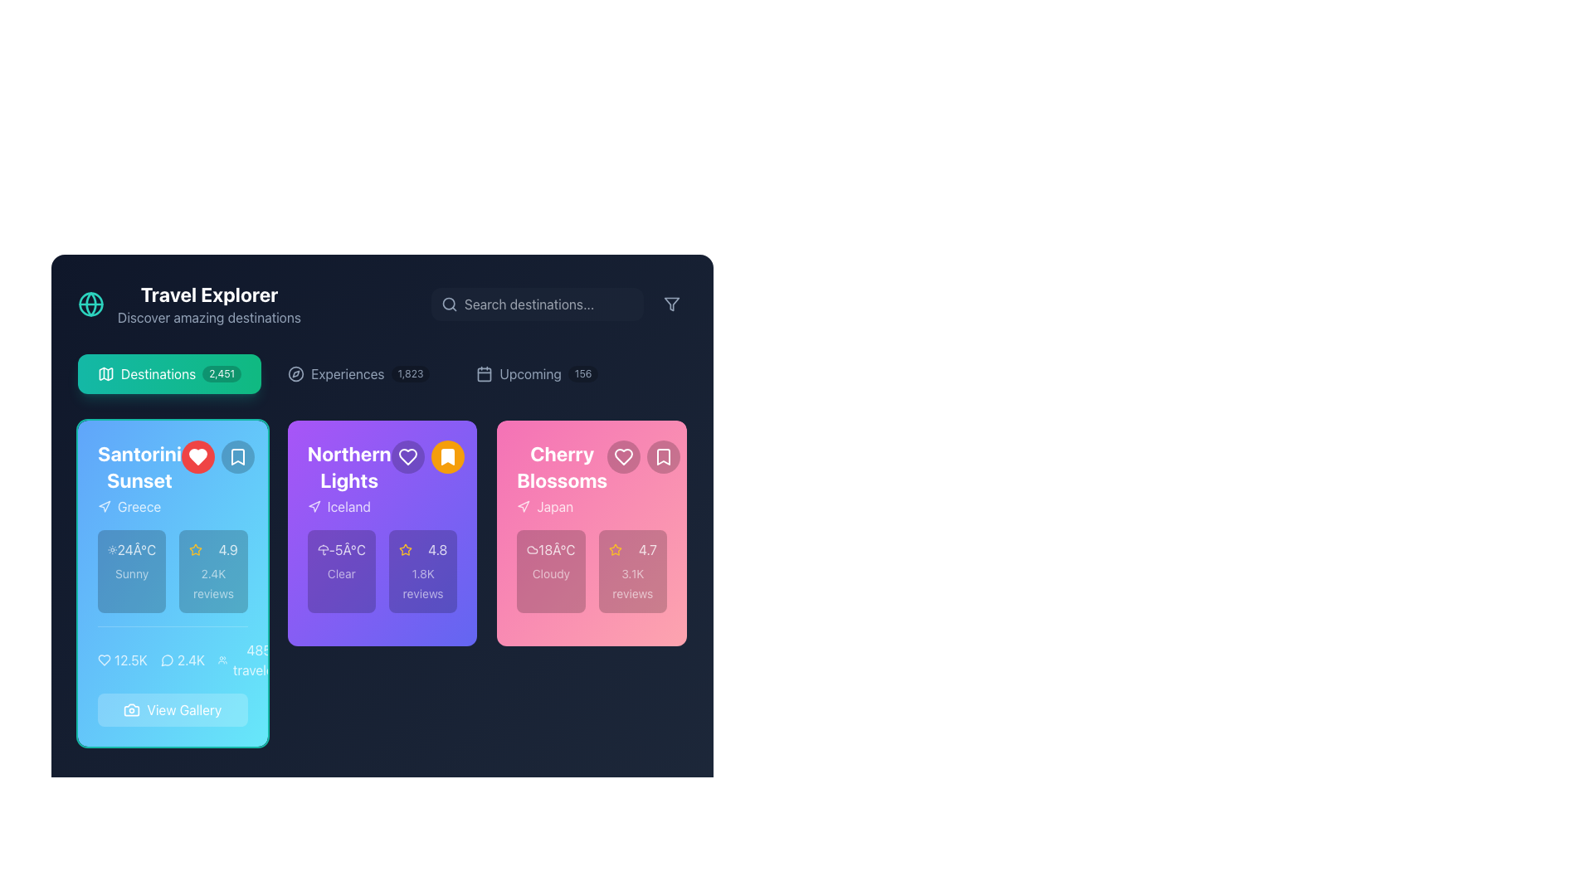  What do you see at coordinates (340, 572) in the screenshot?
I see `the text label providing additional context to the temperature, located within the purple card labeled 'Northern Lights, Iceland', positioned below the '-5°C' label` at bounding box center [340, 572].